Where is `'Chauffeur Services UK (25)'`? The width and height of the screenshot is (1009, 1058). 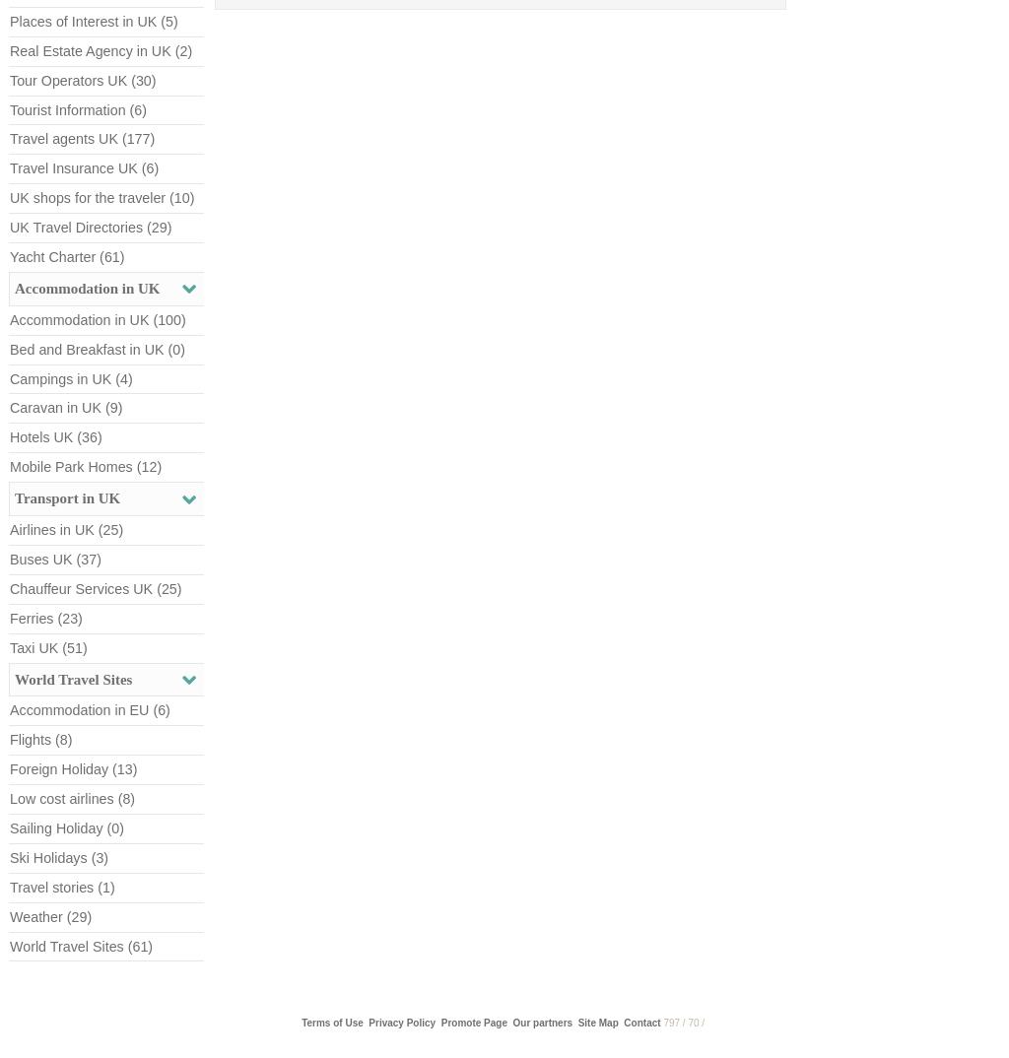
'Chauffeur Services UK (25)' is located at coordinates (95, 588).